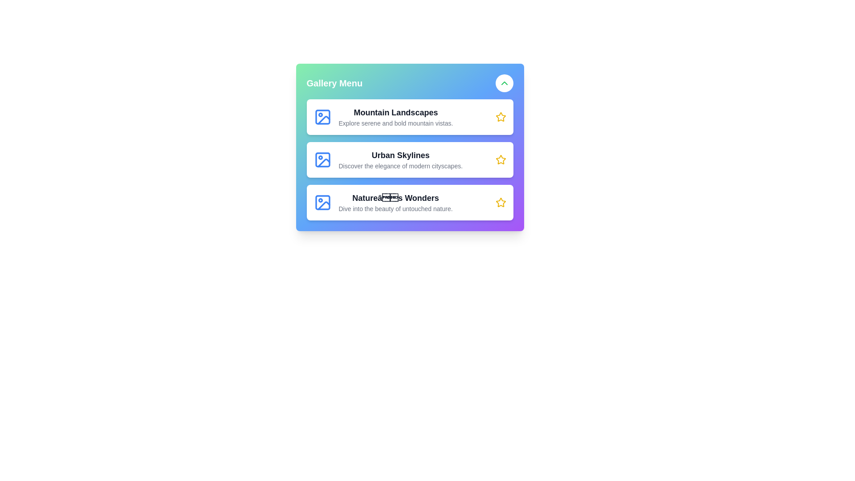  What do you see at coordinates (409, 203) in the screenshot?
I see `the gallery item Nature’s Wonders to trigger its hover effect` at bounding box center [409, 203].